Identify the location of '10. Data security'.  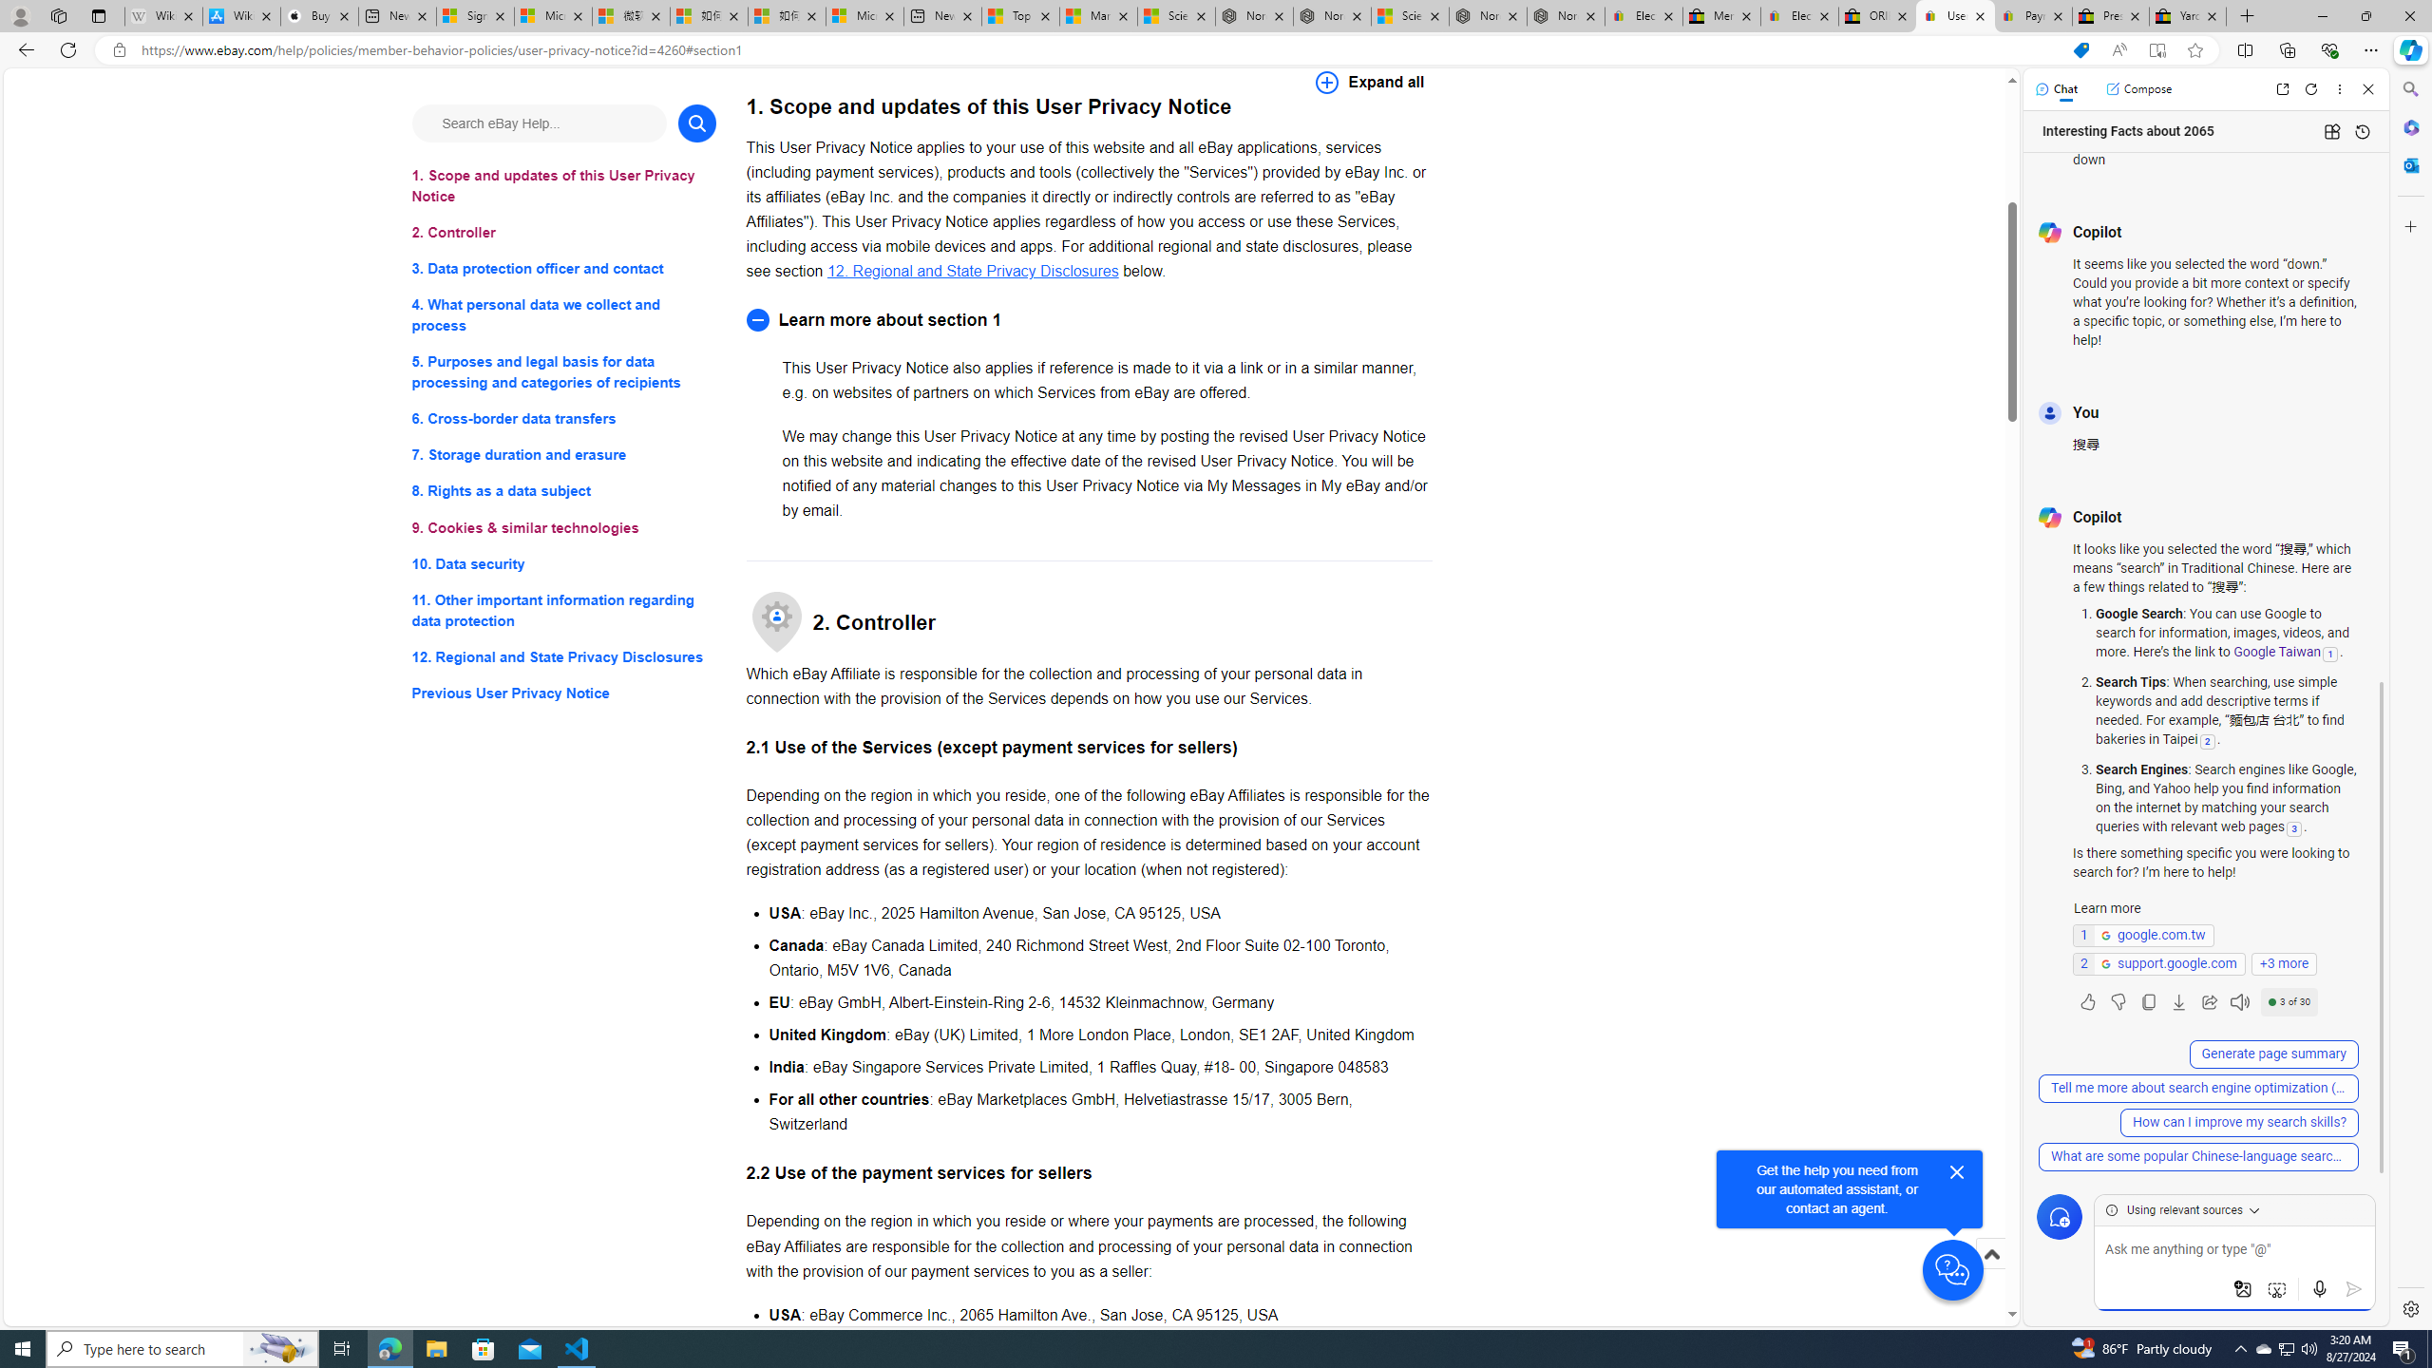
(562, 563).